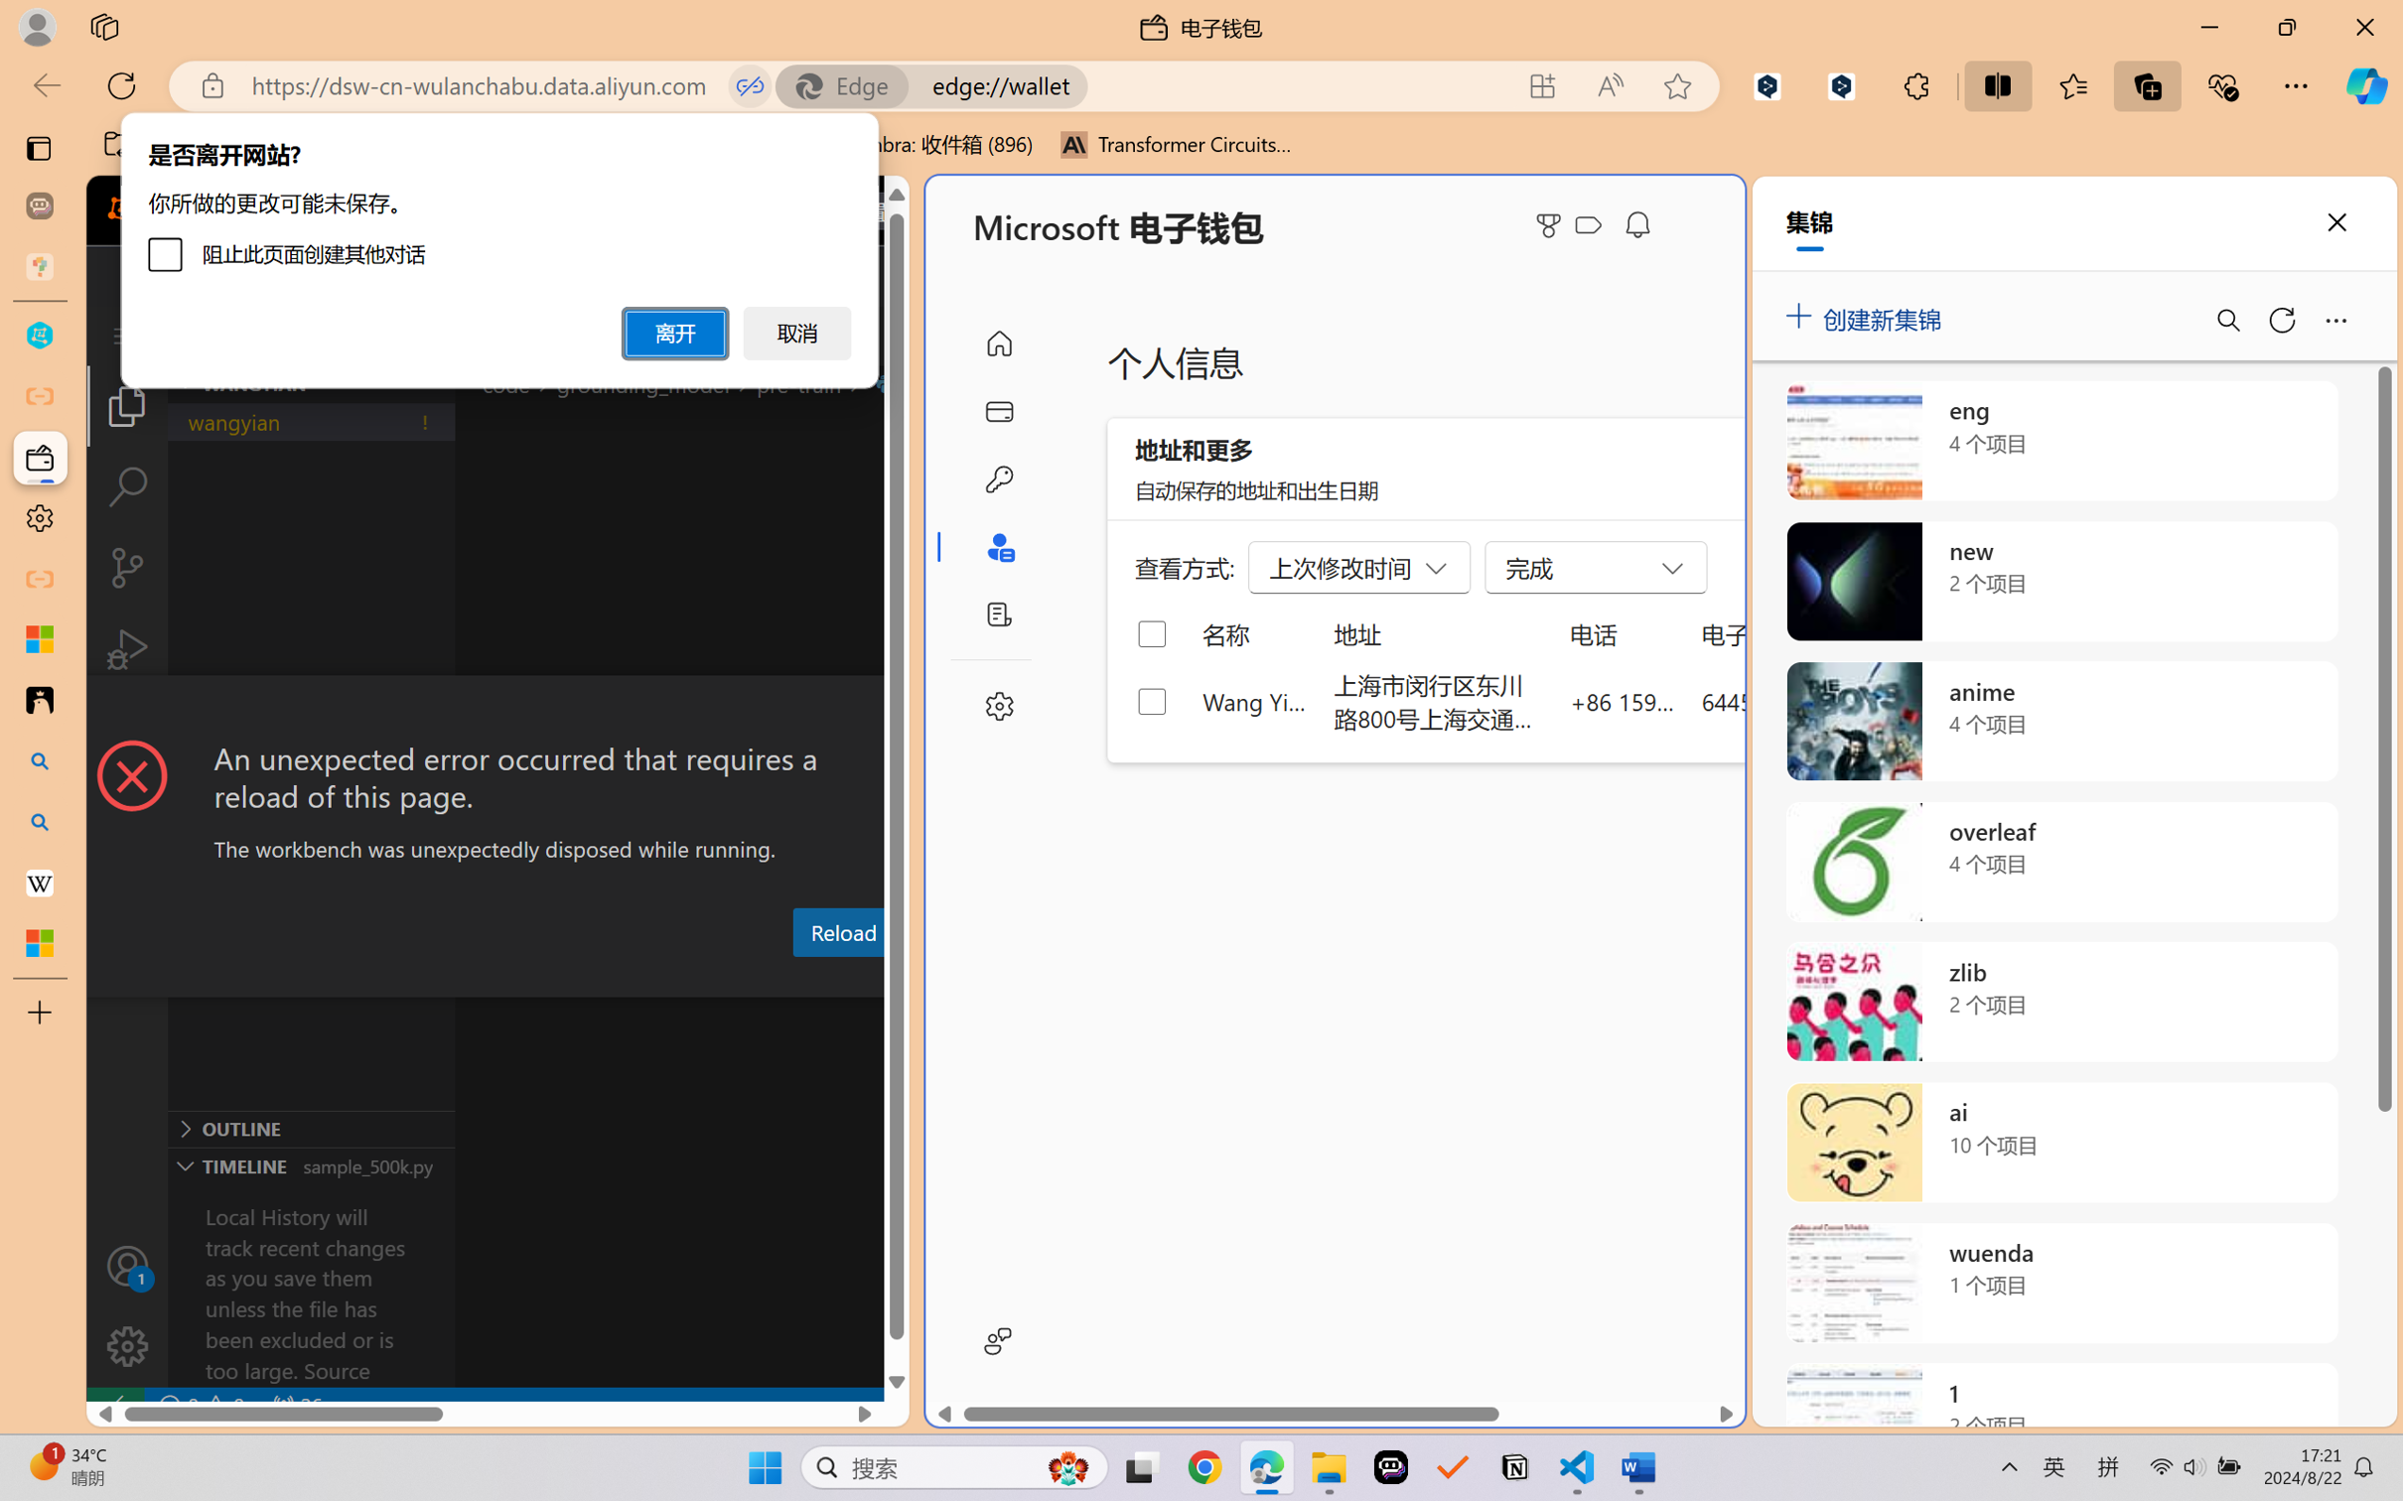 The height and width of the screenshot is (1501, 2403). I want to click on 'Outline Section', so click(311, 1127).